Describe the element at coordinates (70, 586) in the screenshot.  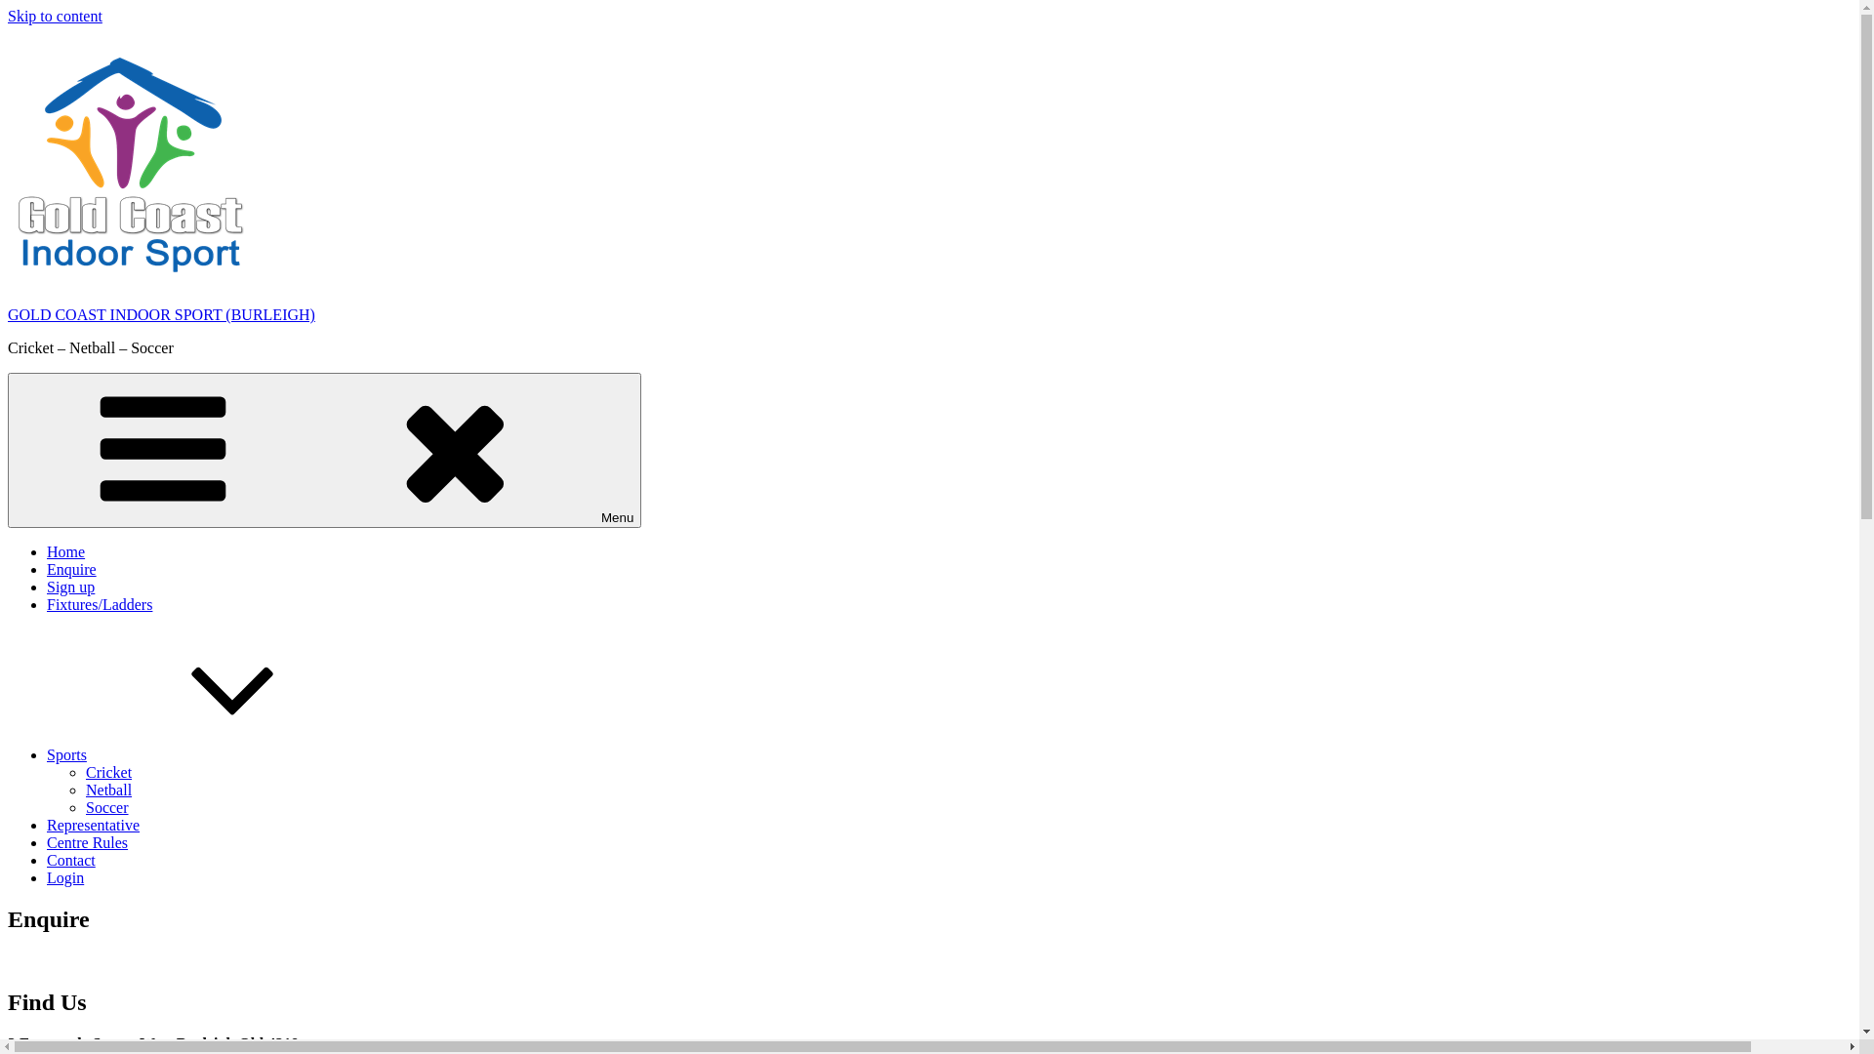
I see `'Sign up'` at that location.